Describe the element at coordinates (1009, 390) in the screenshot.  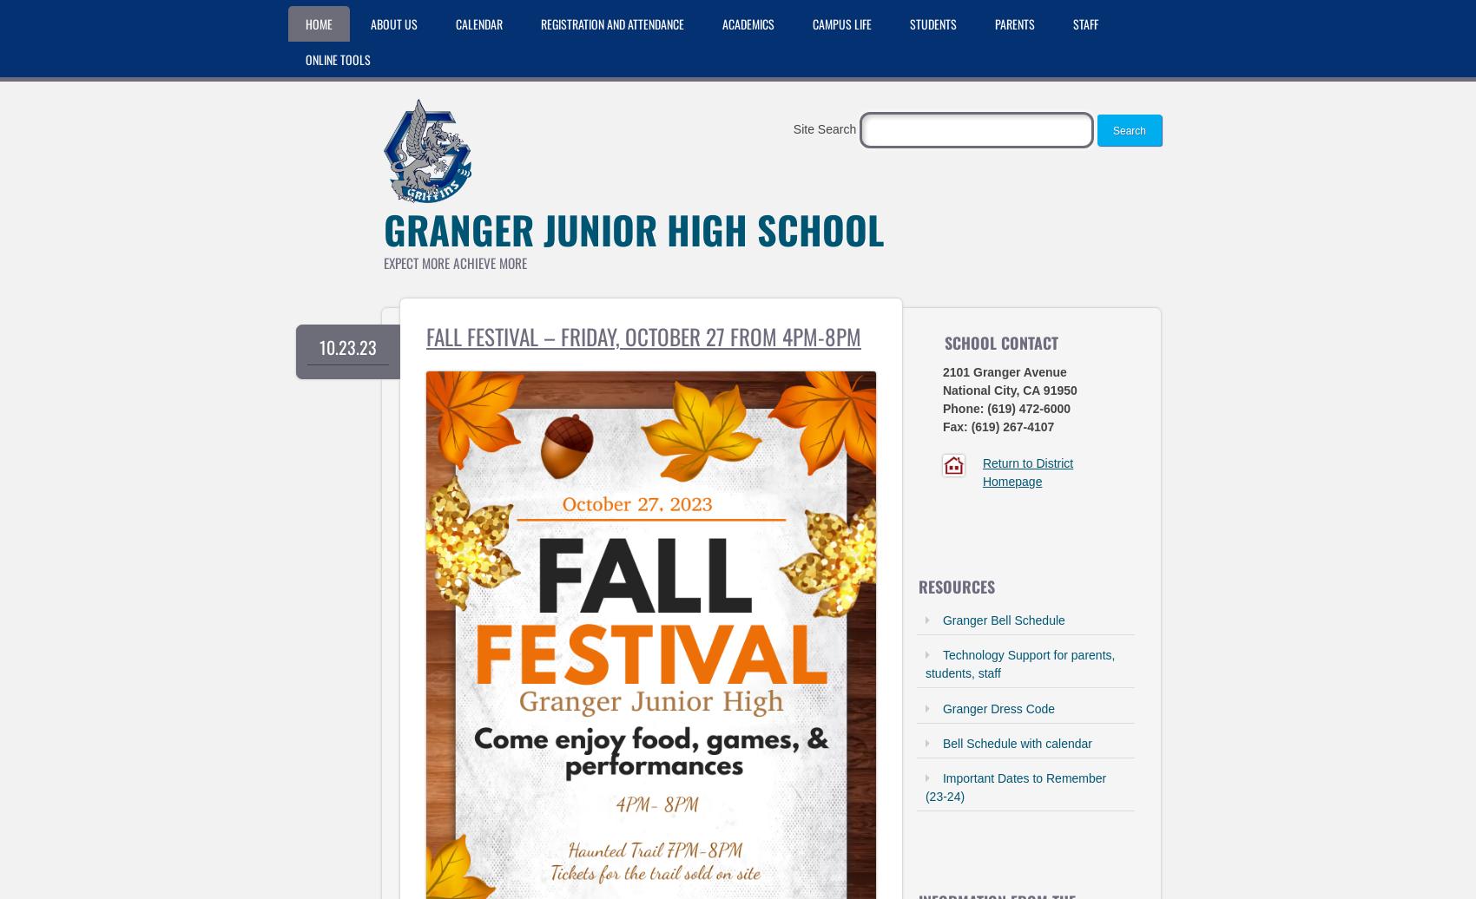
I see `'National City, CA 91950'` at that location.